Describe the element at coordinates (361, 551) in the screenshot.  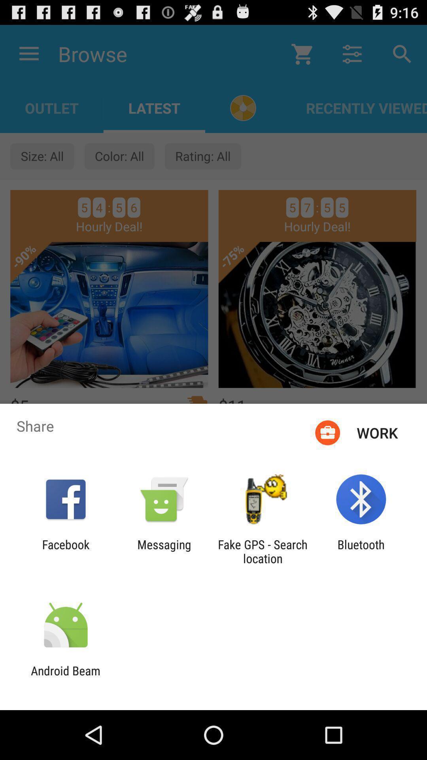
I see `icon to the right of the fake gps search icon` at that location.